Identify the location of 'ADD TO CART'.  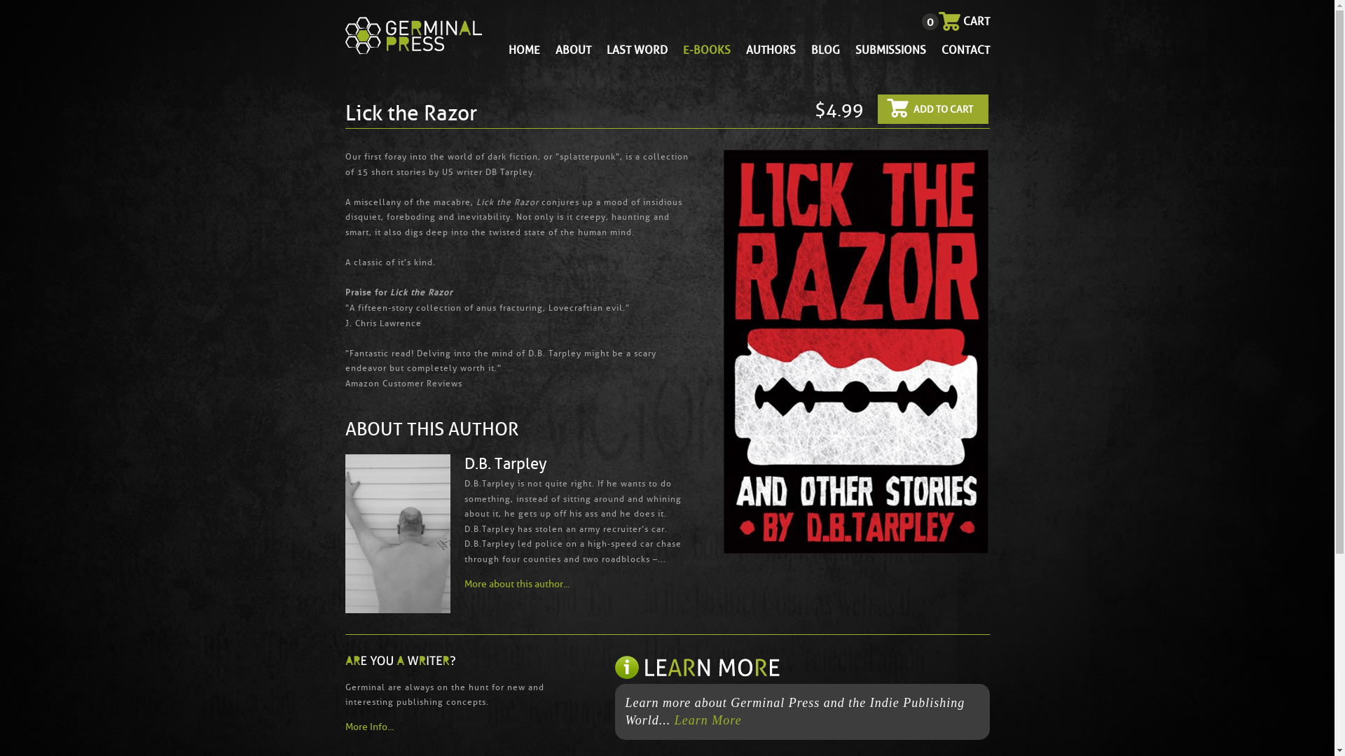
(876, 108).